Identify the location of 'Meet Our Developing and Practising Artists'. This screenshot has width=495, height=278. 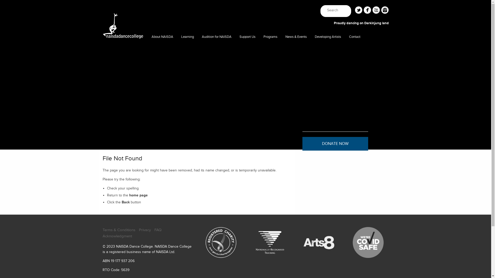
(328, 48).